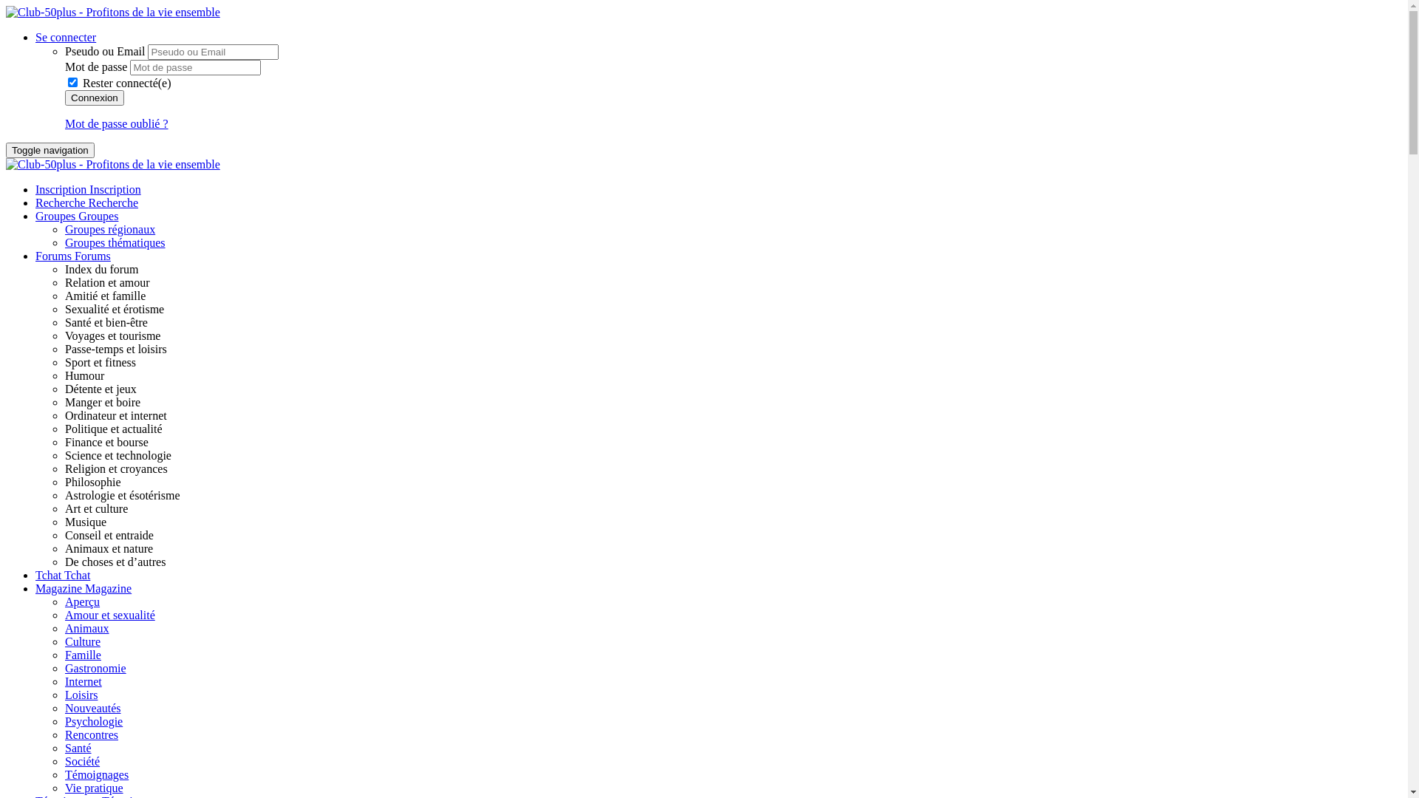 Image resolution: width=1419 pixels, height=798 pixels. What do you see at coordinates (98, 216) in the screenshot?
I see `'Groupes'` at bounding box center [98, 216].